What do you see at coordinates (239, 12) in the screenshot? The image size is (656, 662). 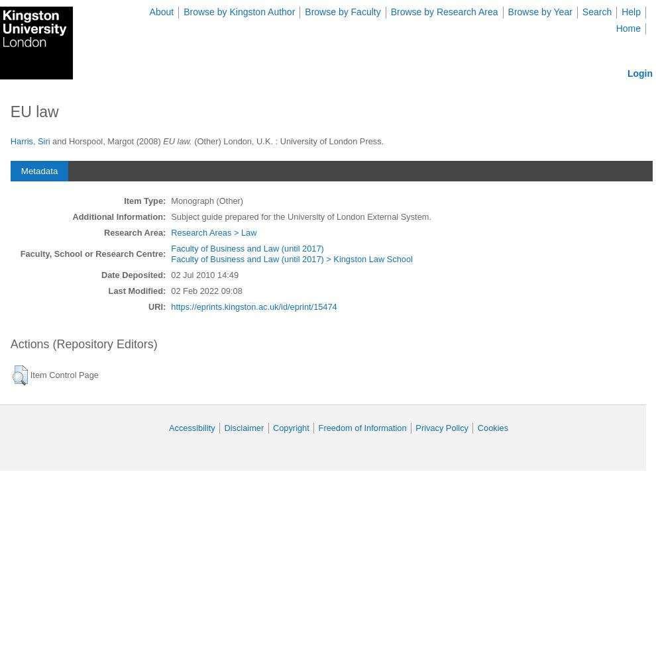 I see `'Browse by Kingston Author'` at bounding box center [239, 12].